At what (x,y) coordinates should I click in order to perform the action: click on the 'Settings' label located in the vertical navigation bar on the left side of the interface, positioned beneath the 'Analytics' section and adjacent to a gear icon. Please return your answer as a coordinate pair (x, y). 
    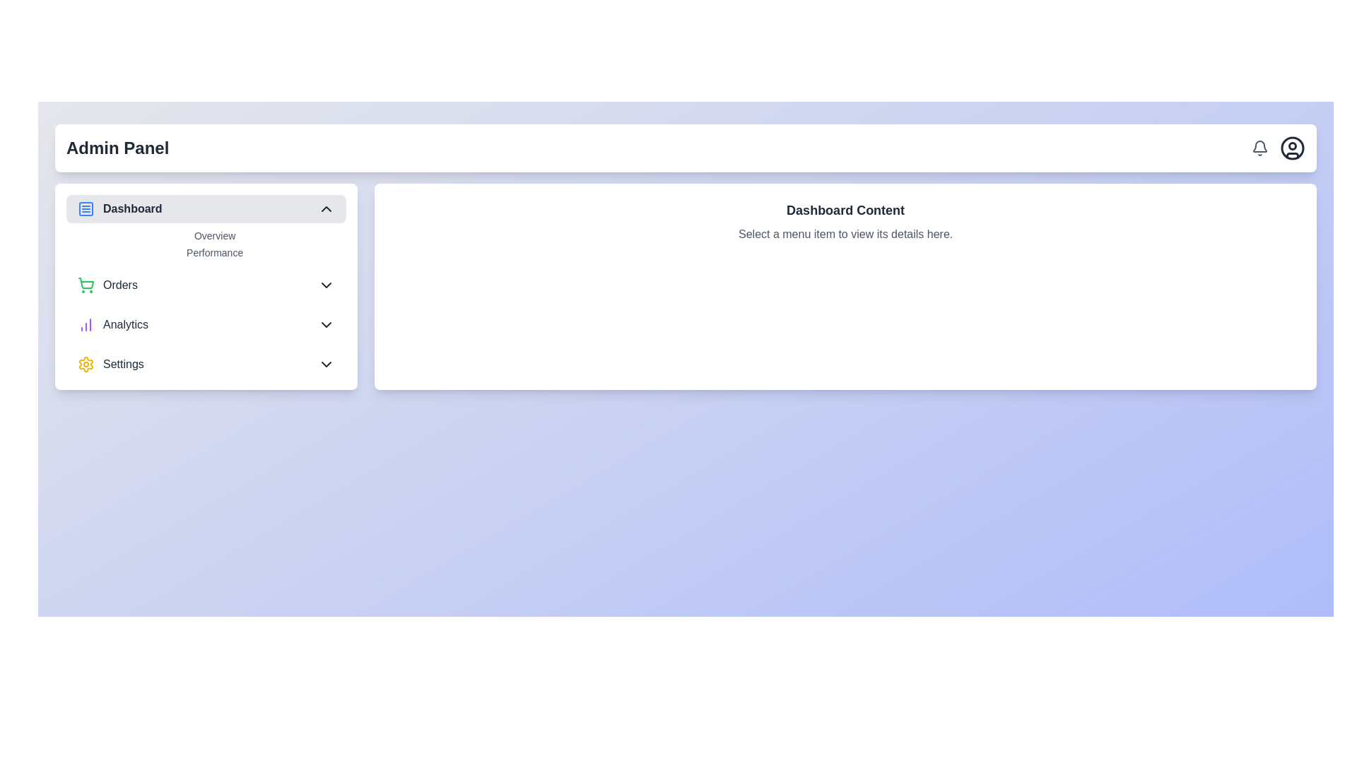
    Looking at the image, I should click on (123, 364).